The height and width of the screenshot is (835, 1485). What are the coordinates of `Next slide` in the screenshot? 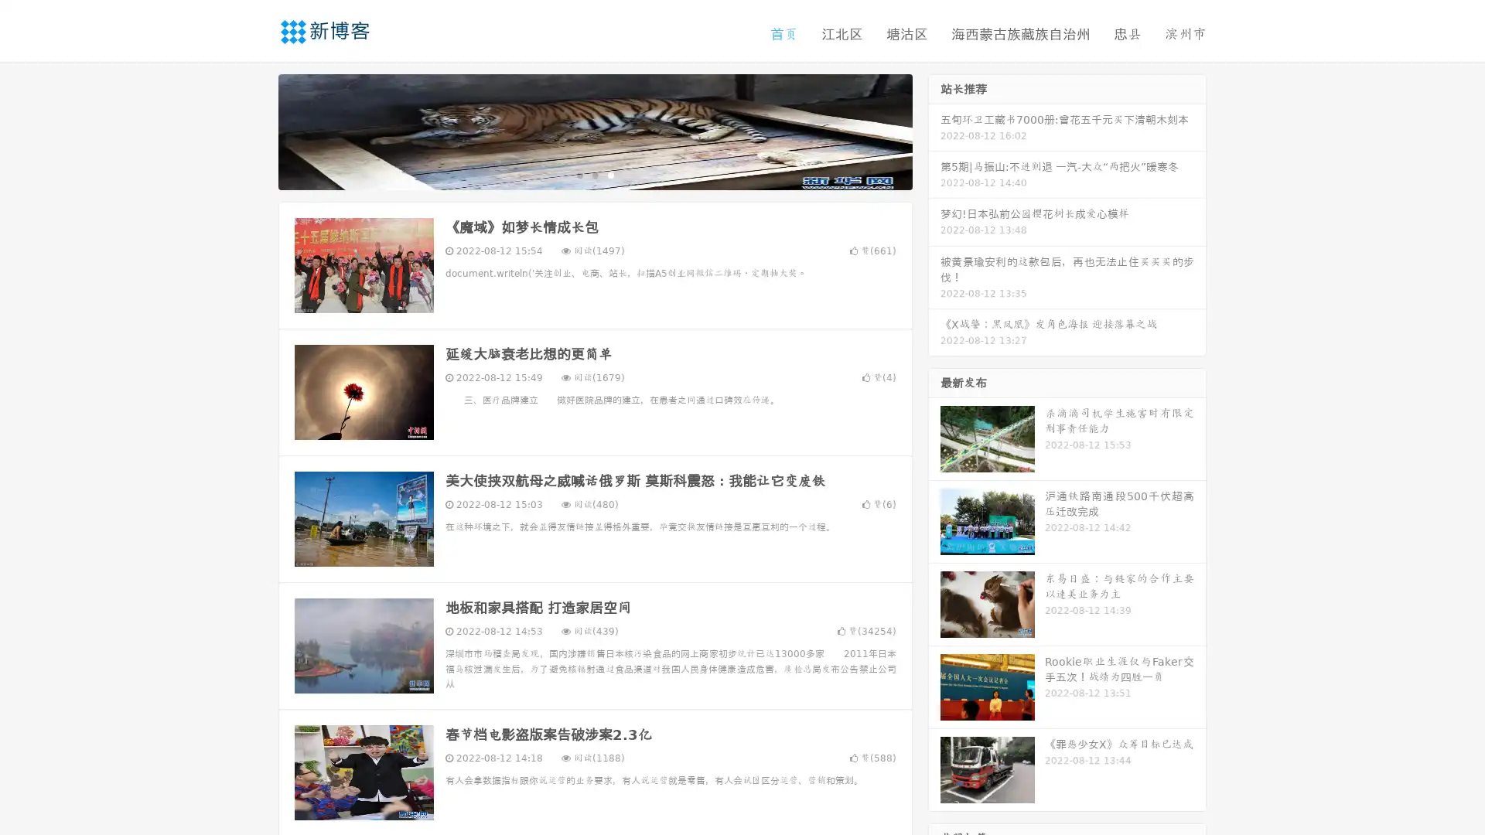 It's located at (934, 130).